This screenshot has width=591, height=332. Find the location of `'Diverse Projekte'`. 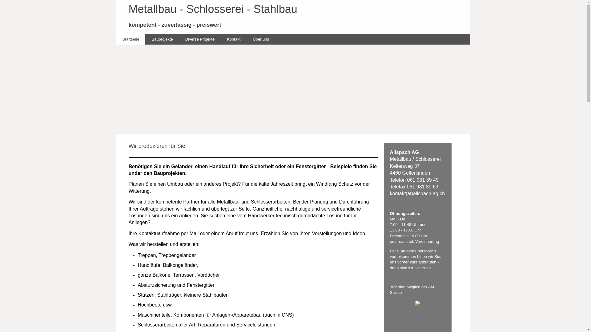

'Diverse Projekte' is located at coordinates (200, 39).